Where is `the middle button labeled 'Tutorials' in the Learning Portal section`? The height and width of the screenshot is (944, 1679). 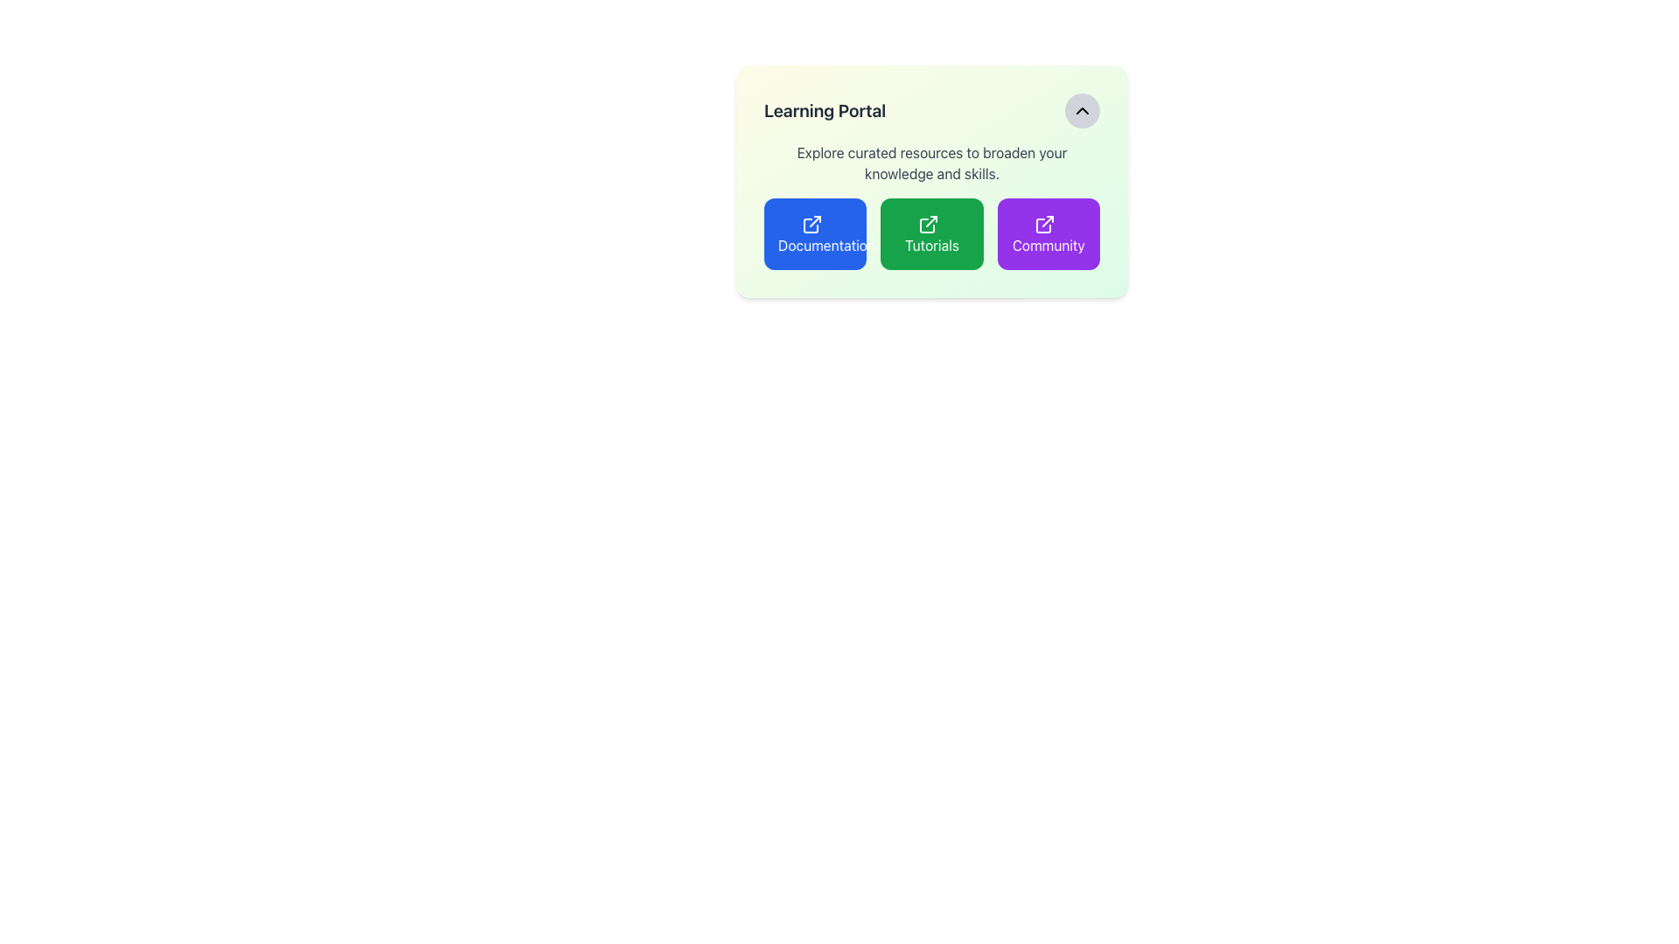 the middle button labeled 'Tutorials' in the Learning Portal section is located at coordinates (930, 233).